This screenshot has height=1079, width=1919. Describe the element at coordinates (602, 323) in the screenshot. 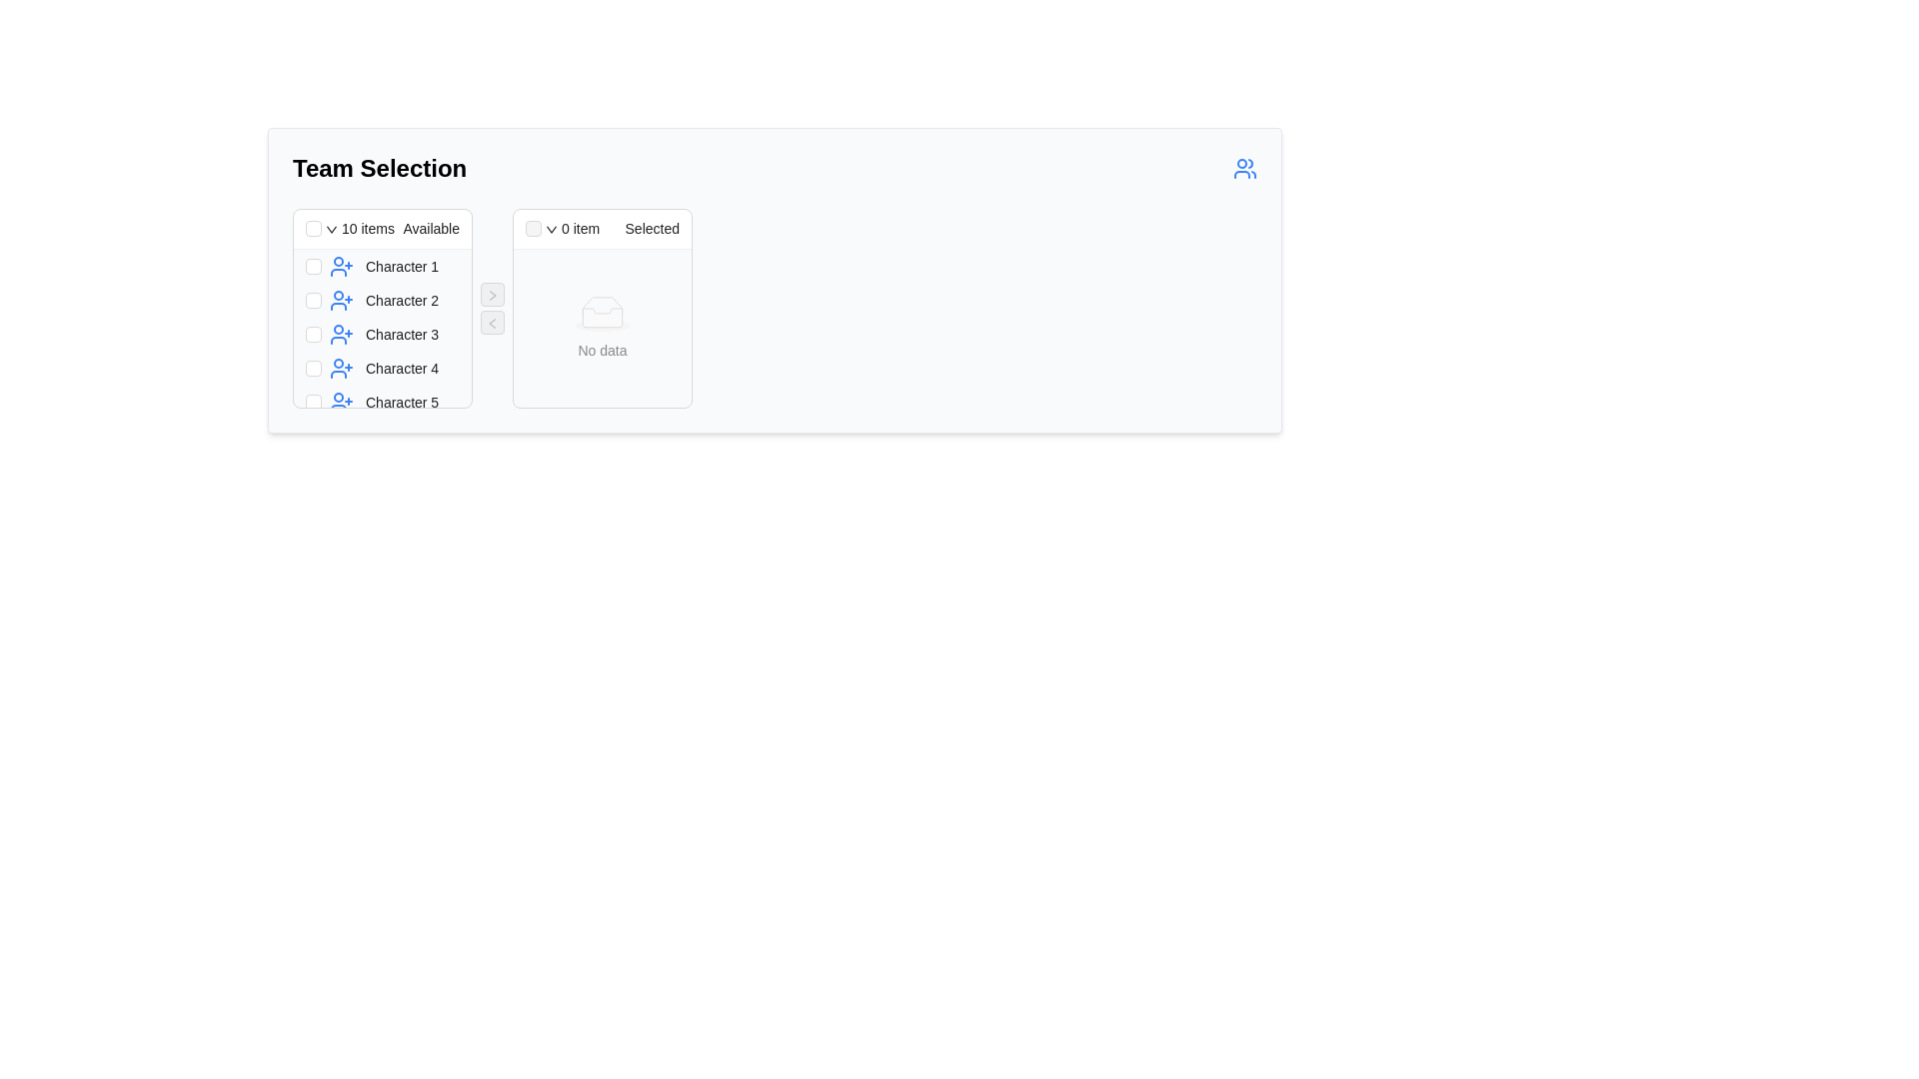

I see `the SVG ellipse element located within the 'Selected' column of the 'Team Selection' interface, which represents the 'No data' area` at that location.